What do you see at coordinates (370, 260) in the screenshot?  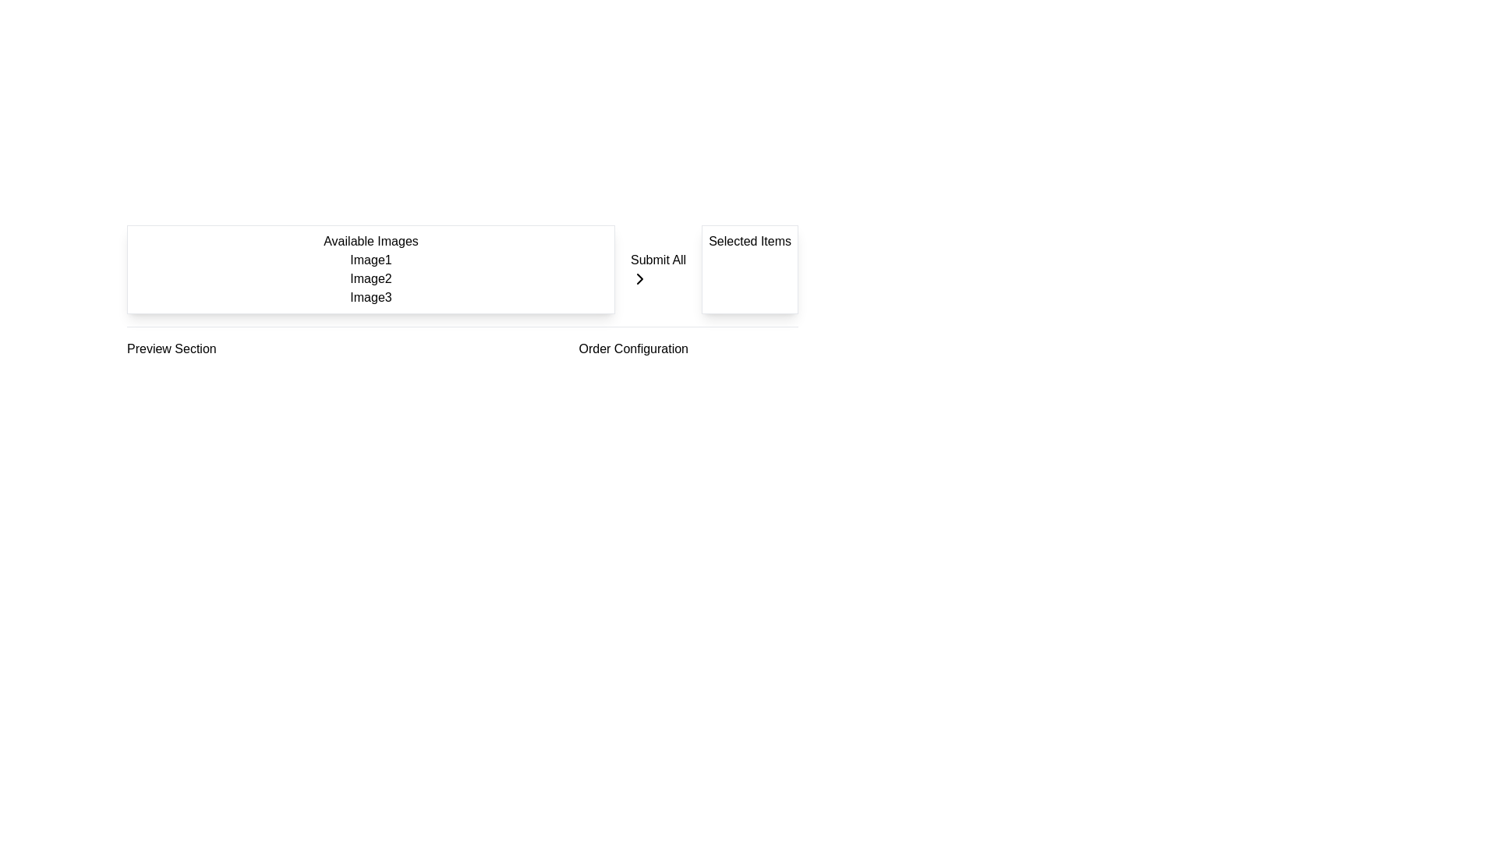 I see `the image Image1 in the 'Available Images' list` at bounding box center [370, 260].